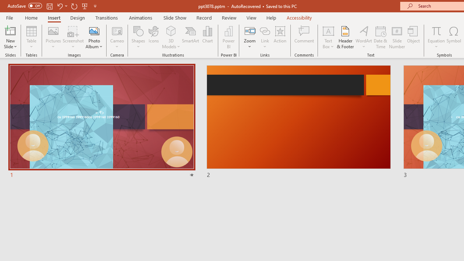 Image resolution: width=464 pixels, height=261 pixels. I want to click on 'Comment', so click(304, 37).